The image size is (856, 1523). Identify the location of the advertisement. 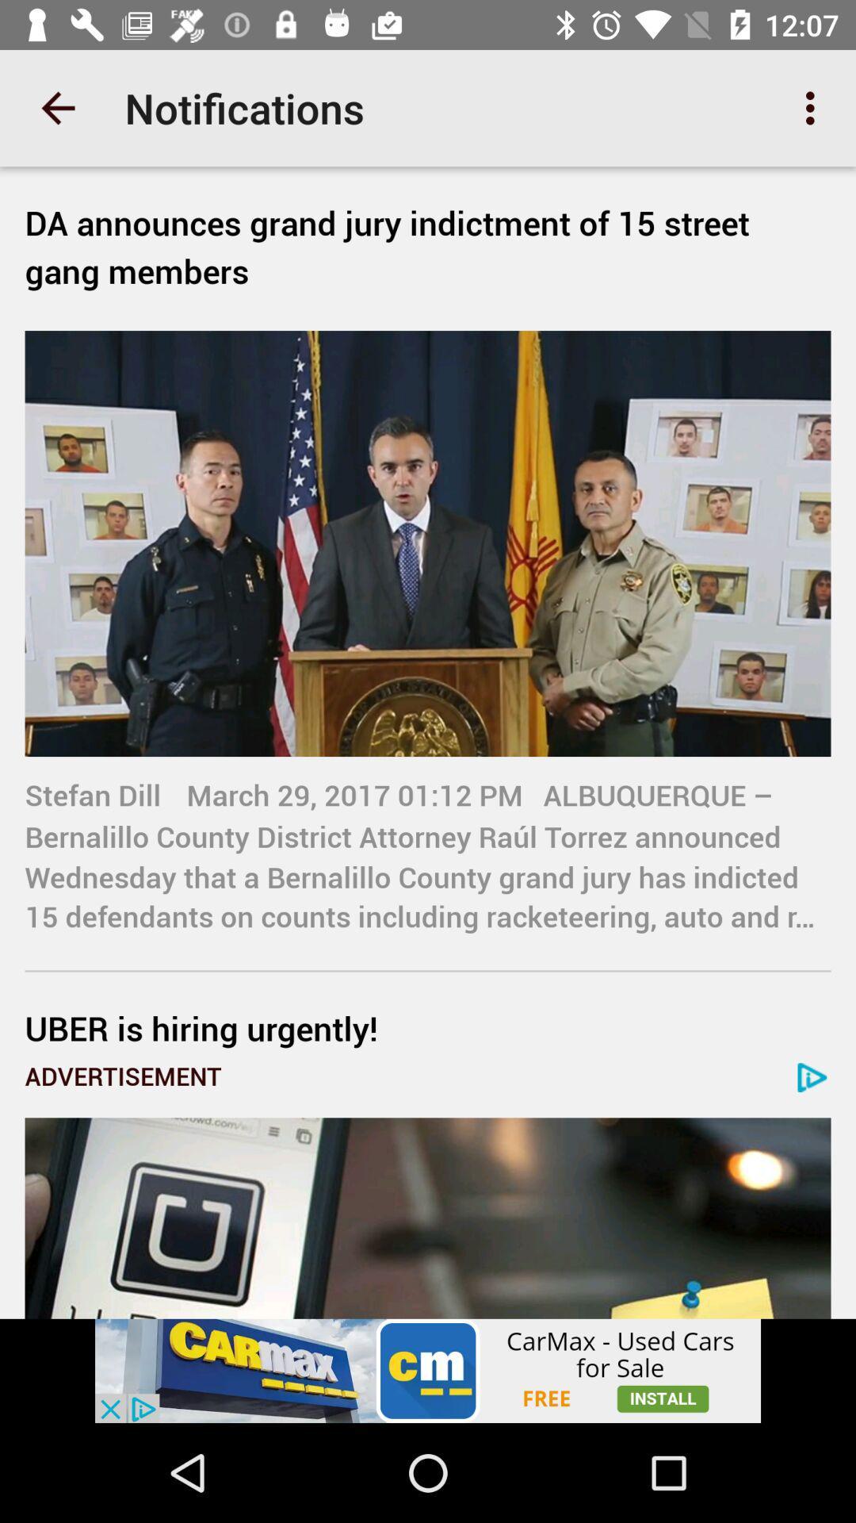
(428, 1370).